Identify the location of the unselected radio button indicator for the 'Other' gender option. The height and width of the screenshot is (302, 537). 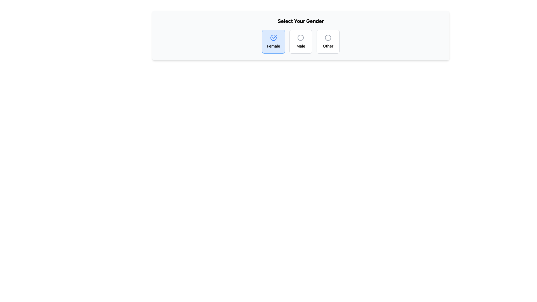
(328, 38).